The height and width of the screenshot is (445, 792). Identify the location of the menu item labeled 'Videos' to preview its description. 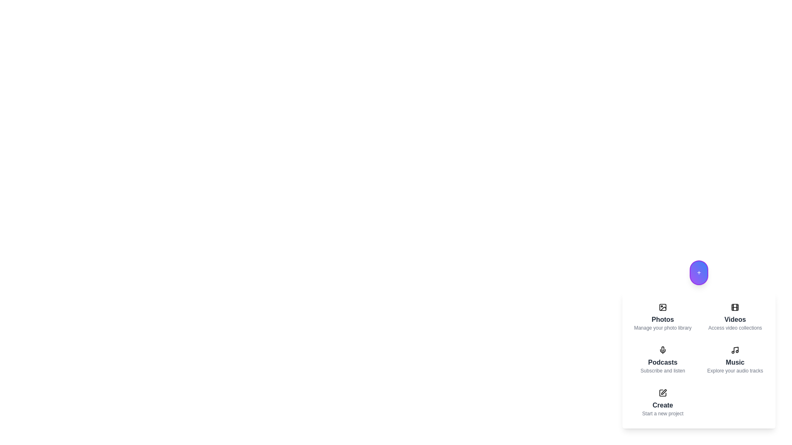
(735, 317).